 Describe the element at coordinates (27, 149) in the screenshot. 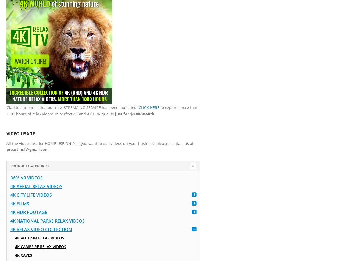

I see `'proartinc1@gmail.com'` at that location.